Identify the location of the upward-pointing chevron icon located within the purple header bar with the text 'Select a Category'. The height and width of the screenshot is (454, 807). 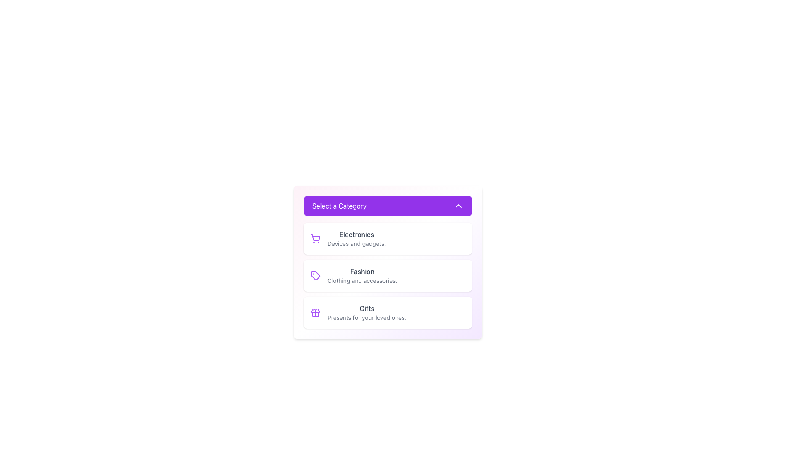
(458, 206).